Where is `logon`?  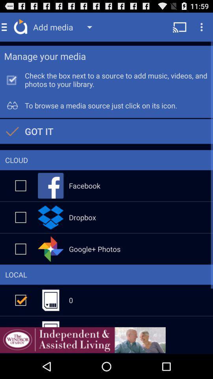
logon is located at coordinates (21, 248).